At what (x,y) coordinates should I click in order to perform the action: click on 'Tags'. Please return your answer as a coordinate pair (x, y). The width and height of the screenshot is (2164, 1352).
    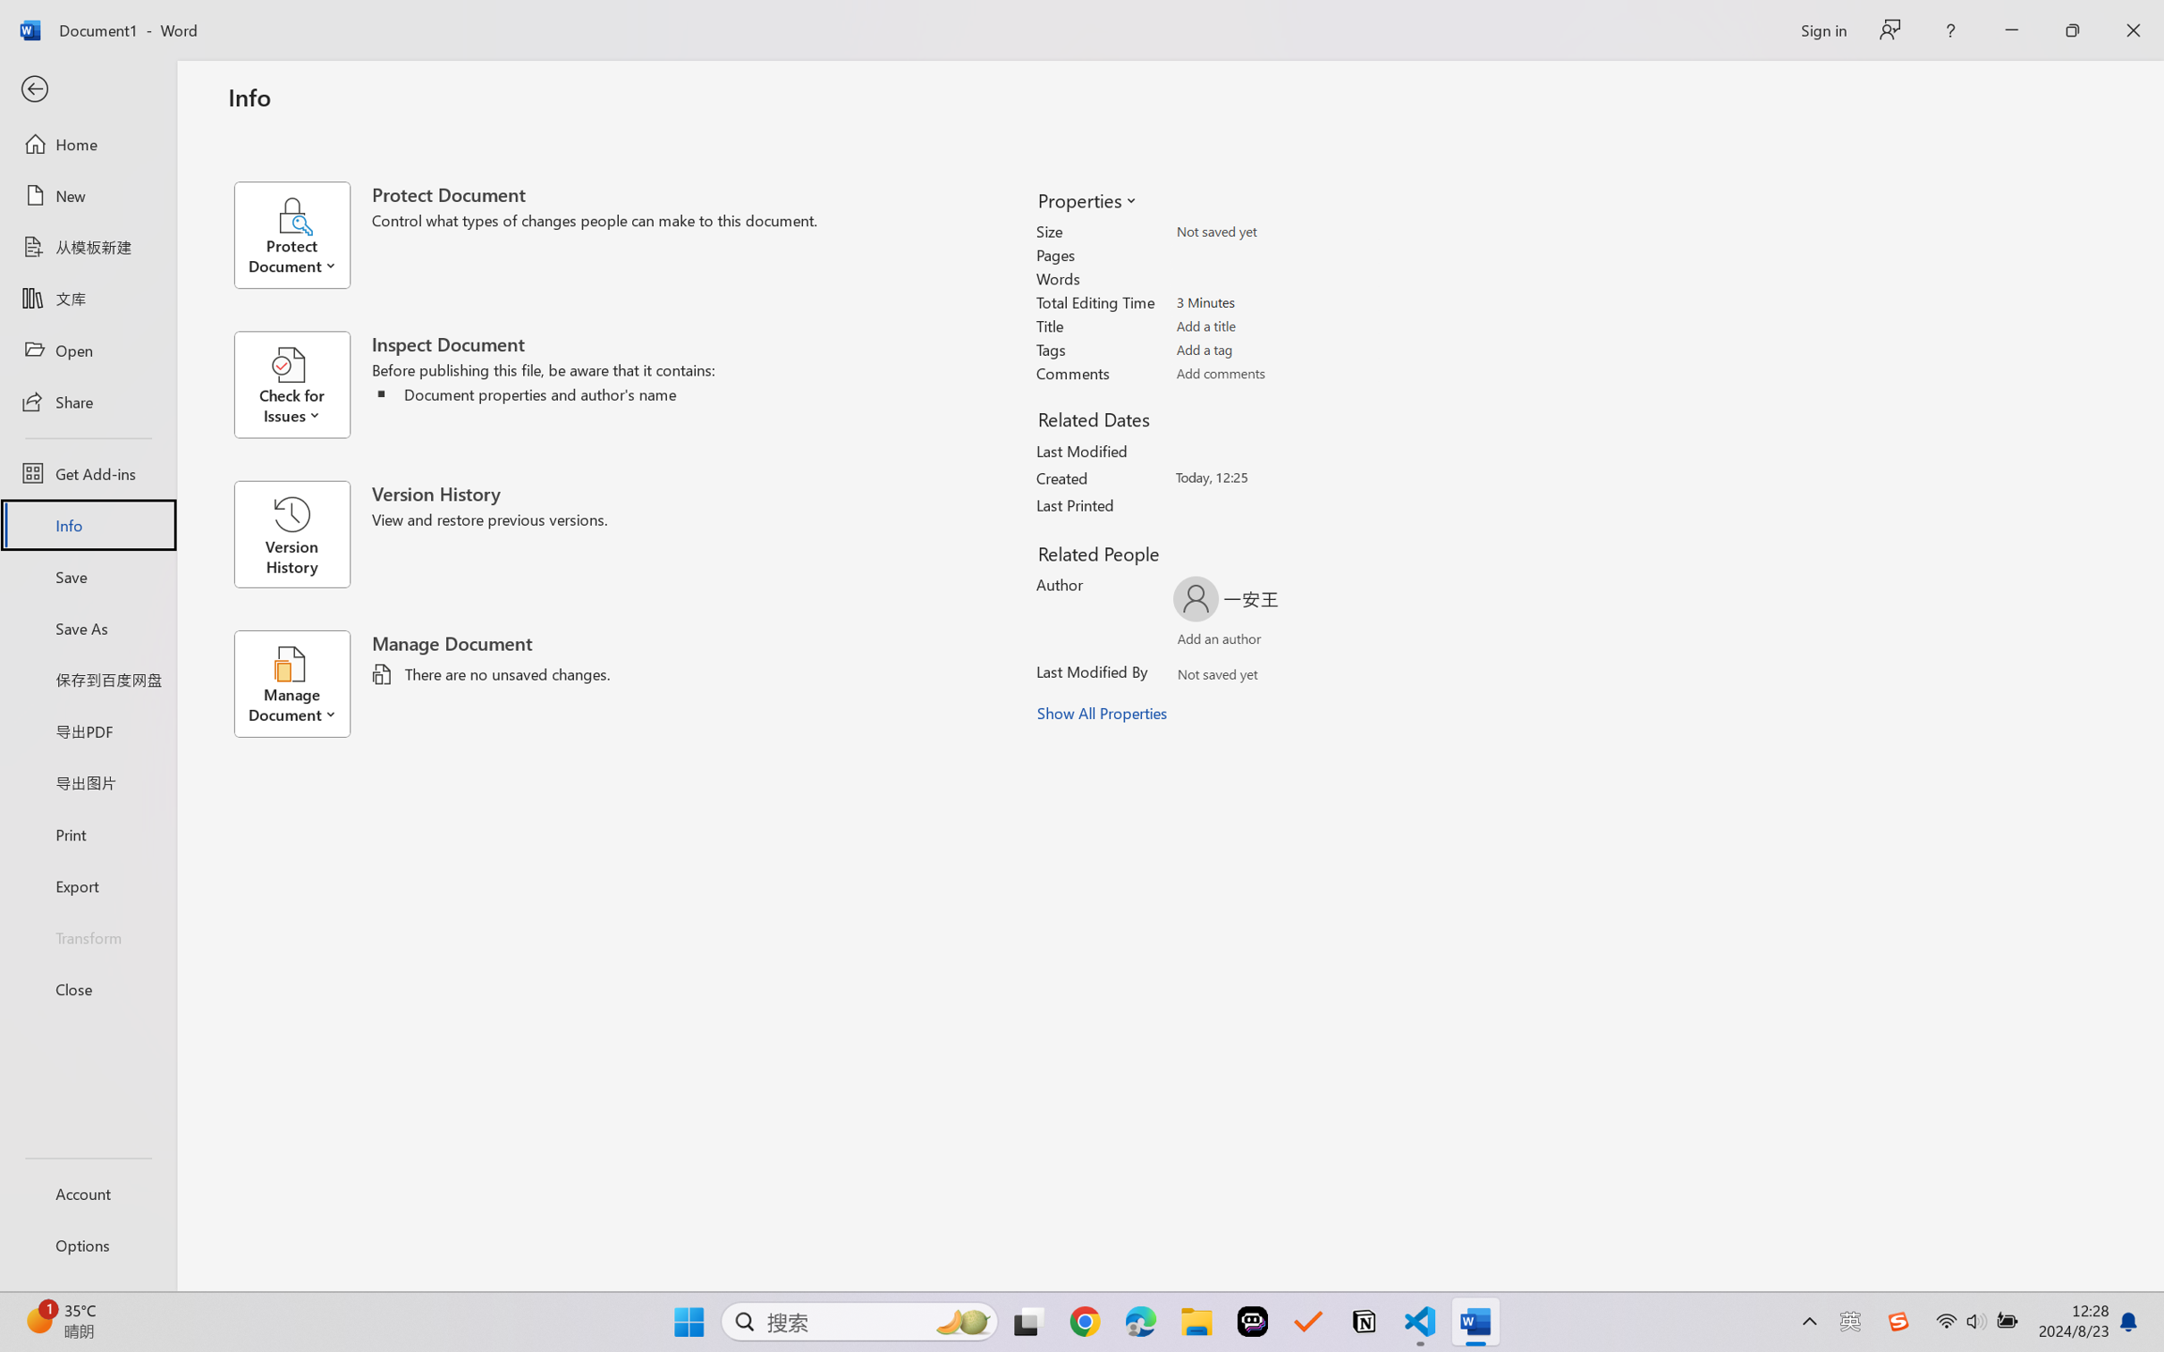
    Looking at the image, I should click on (1275, 349).